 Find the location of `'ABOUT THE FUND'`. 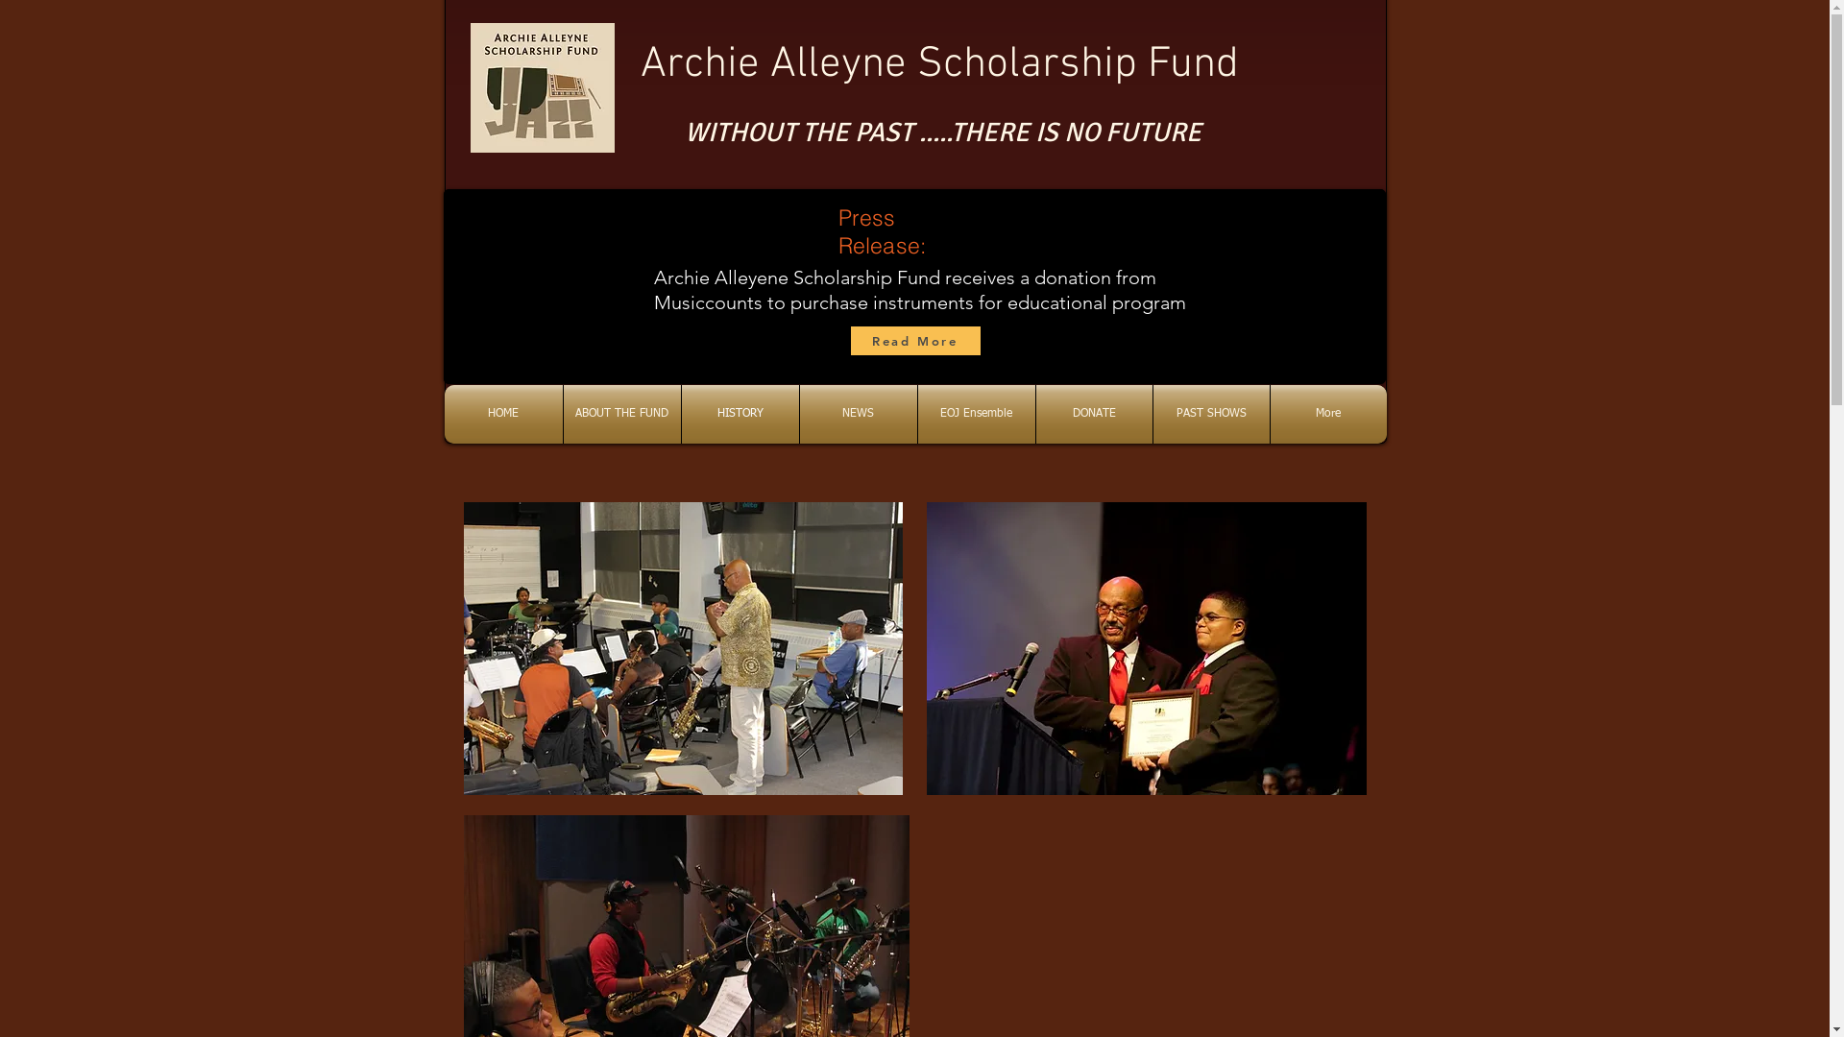

'ABOUT THE FUND' is located at coordinates (561, 413).